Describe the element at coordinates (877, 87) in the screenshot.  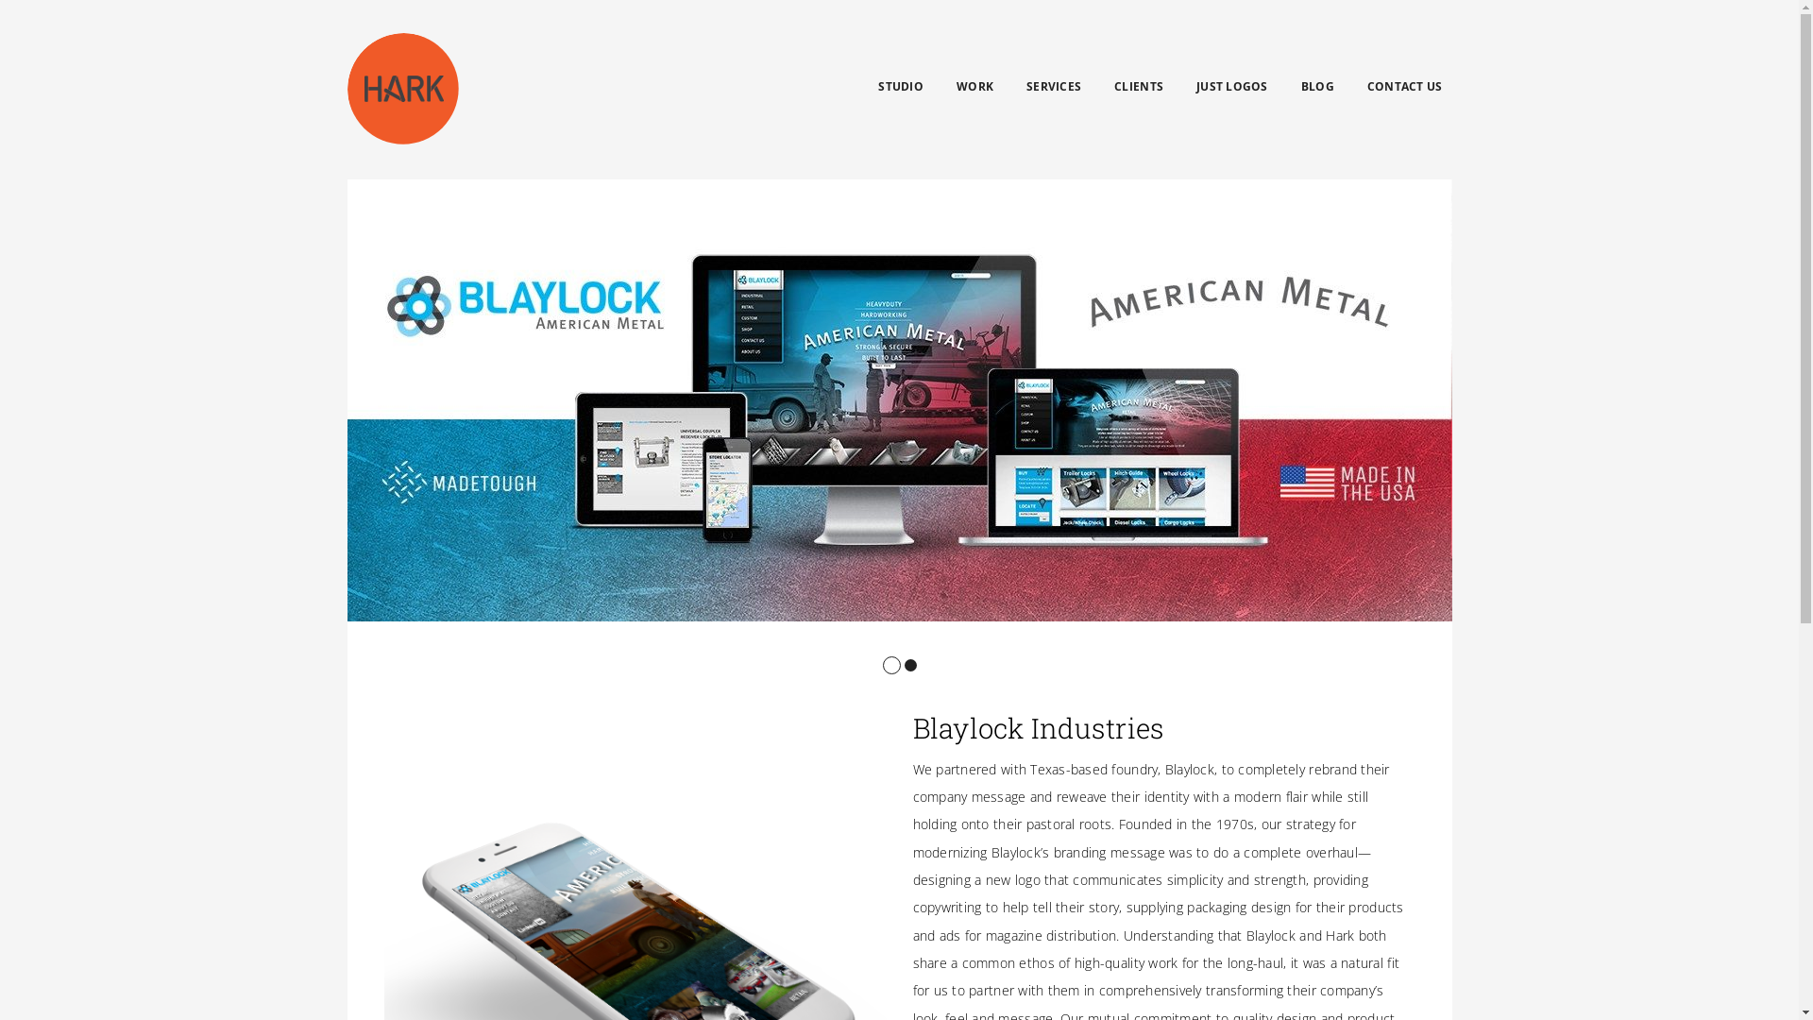
I see `'STUDIO'` at that location.